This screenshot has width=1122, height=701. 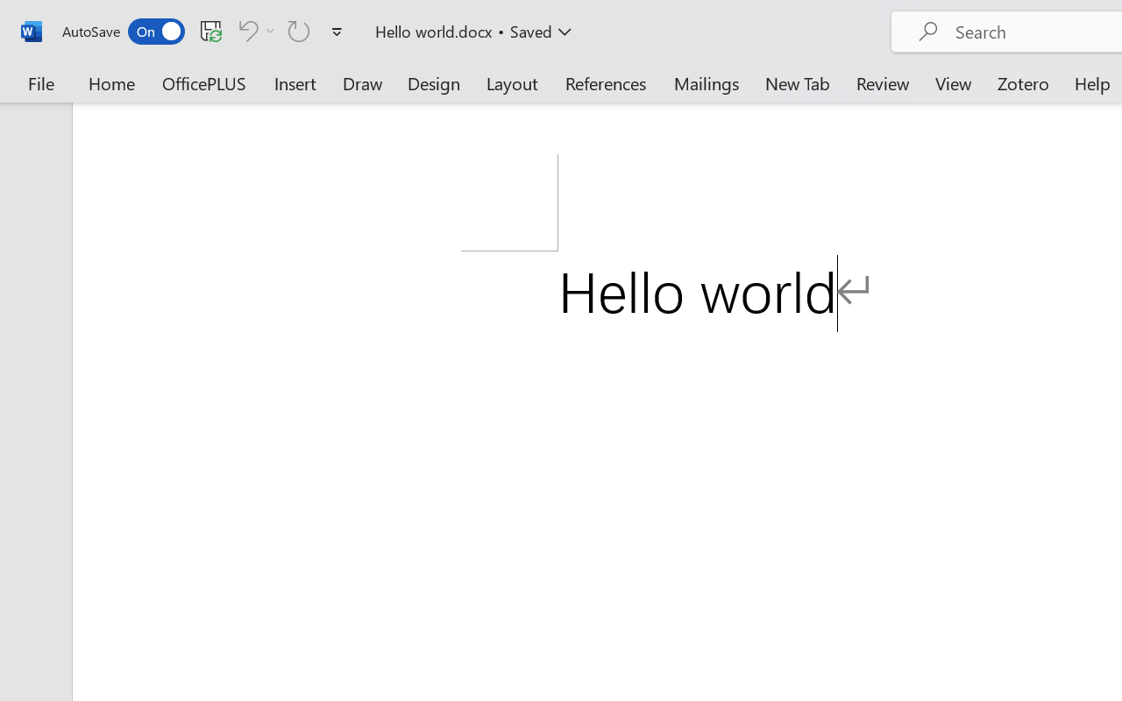 I want to click on 'More Options', so click(x=270, y=30).